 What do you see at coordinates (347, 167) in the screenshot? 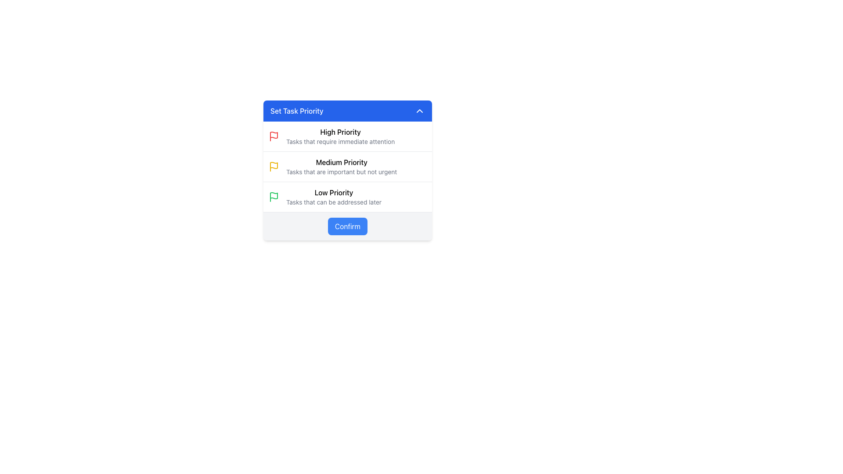
I see `the ordered list displaying task priority levels ('High Priority', 'Medium Priority', 'Low Priority')` at bounding box center [347, 167].